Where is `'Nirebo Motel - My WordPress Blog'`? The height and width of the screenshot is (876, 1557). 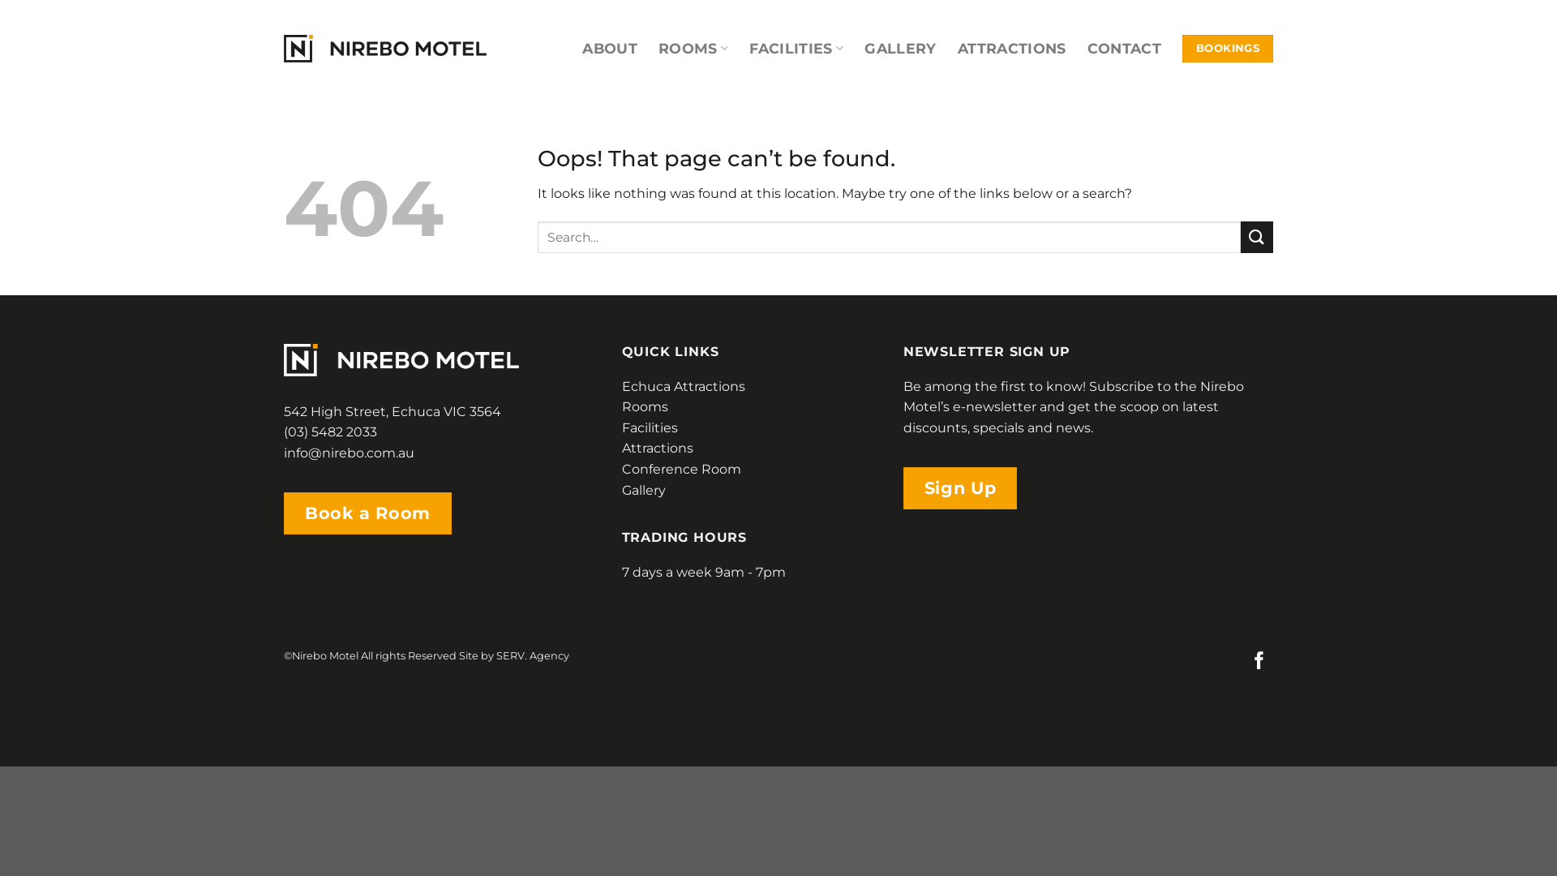 'Nirebo Motel - My WordPress Blog' is located at coordinates (384, 48).